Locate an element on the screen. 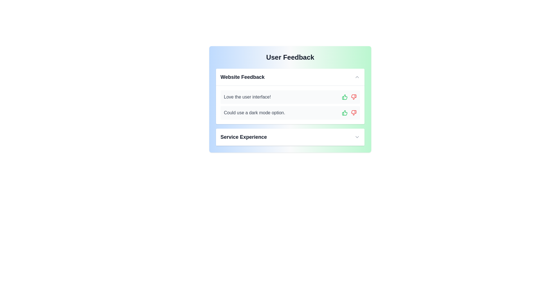  the thumbs-down button for the comment 'Could use a dark mode option.' is located at coordinates (353, 113).